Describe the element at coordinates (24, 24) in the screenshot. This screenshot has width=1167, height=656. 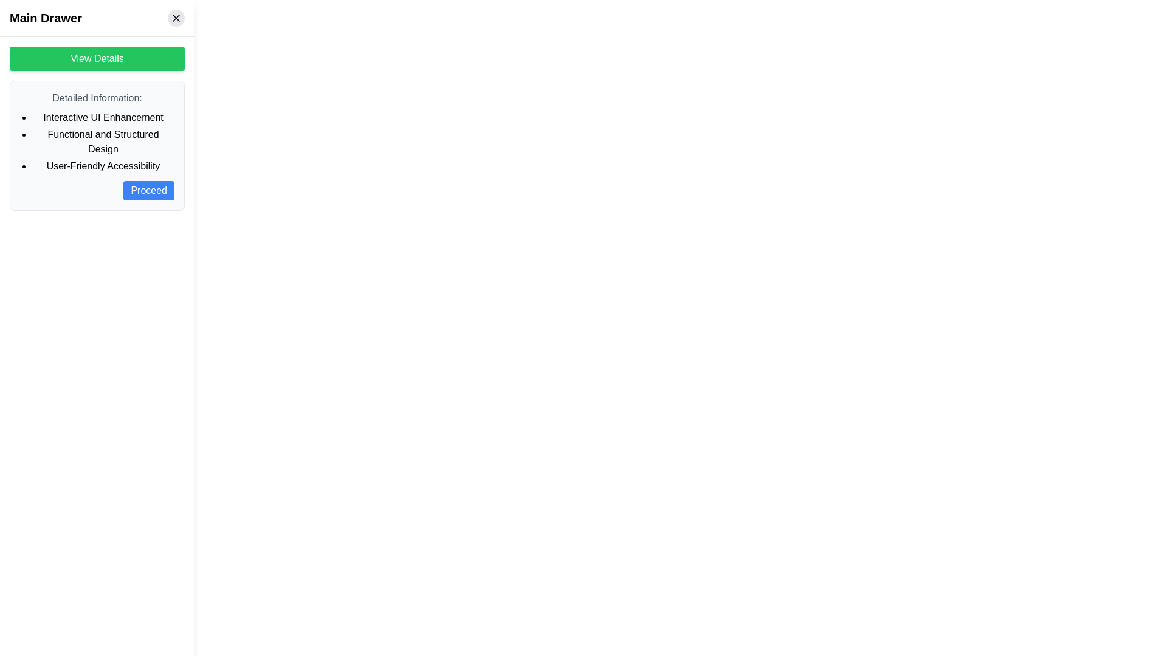
I see `the menu button located in the top-left corner of the interface, aligned with the 'Main Drawer' title, to trigger hover effects` at that location.